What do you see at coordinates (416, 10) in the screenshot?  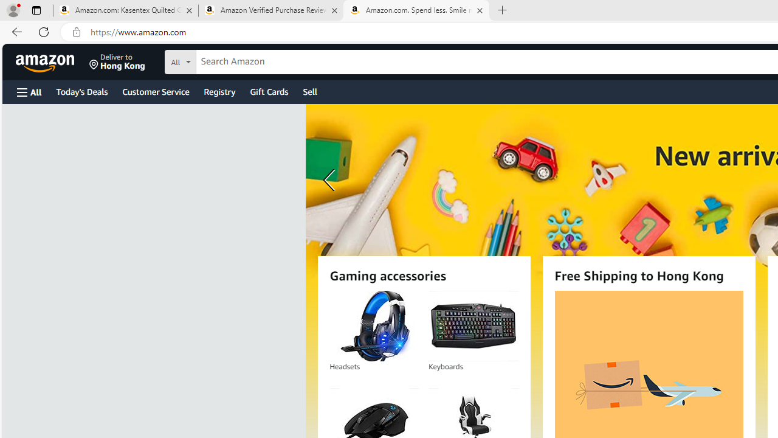 I see `'Amazon.com. Spend less. Smile more.'` at bounding box center [416, 10].